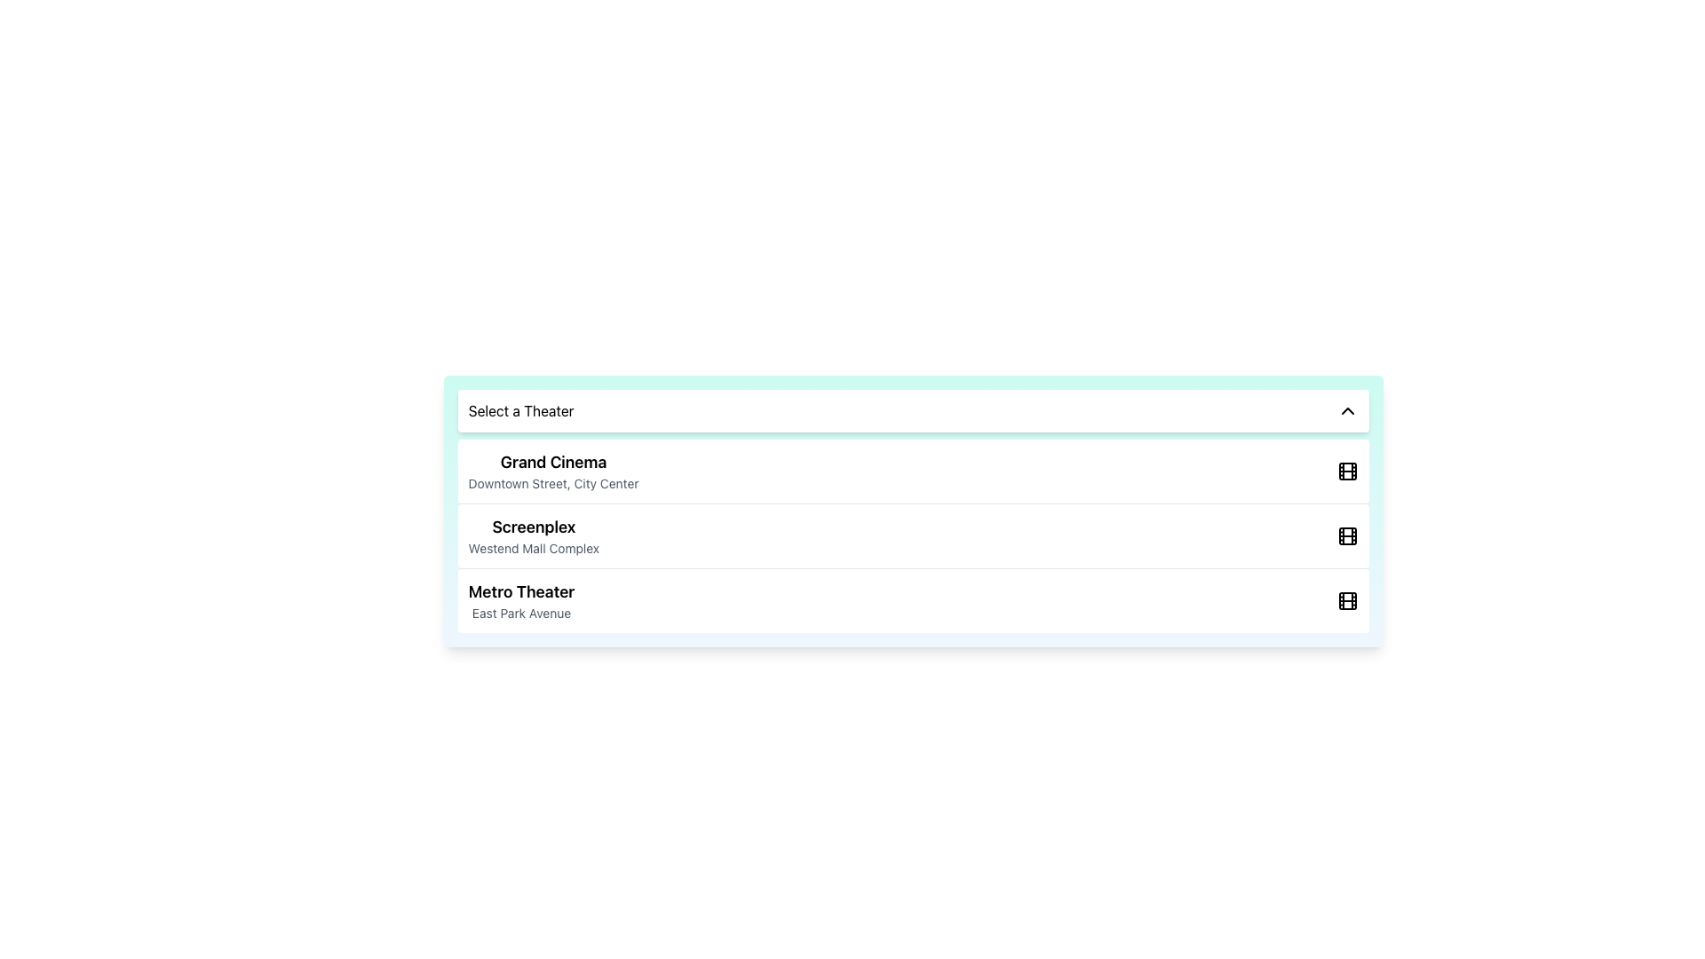  What do you see at coordinates (913, 599) in the screenshot?
I see `the list item representing 'Metro Theater' located at 'East Park Avenue'` at bounding box center [913, 599].